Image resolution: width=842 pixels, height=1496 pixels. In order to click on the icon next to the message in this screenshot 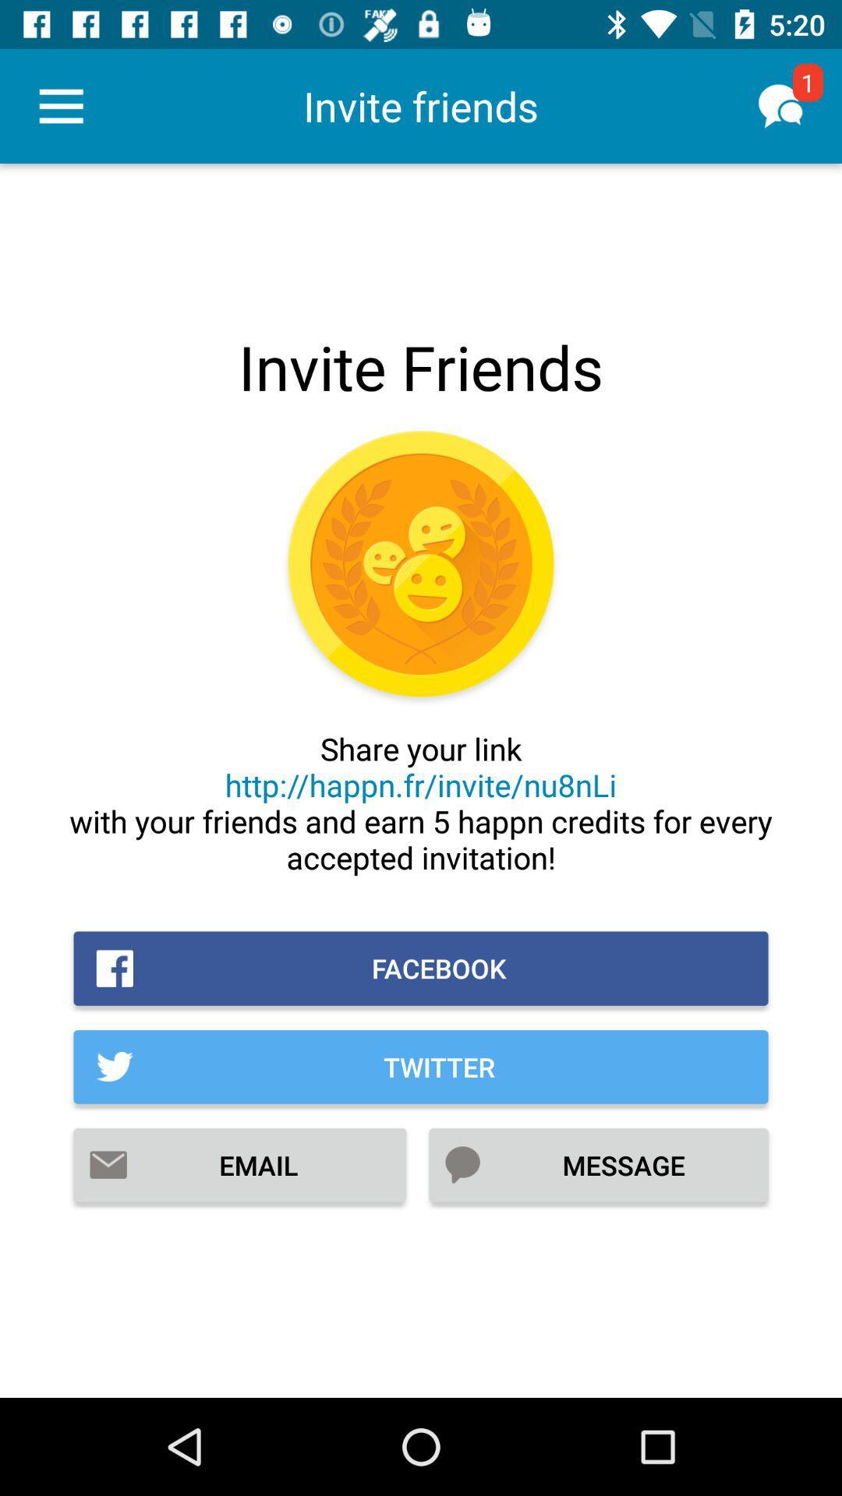, I will do `click(239, 1165)`.